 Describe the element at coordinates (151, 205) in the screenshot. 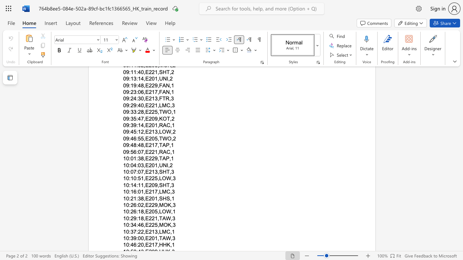

I see `the space between the continuous character "2" and "2" in the text` at that location.